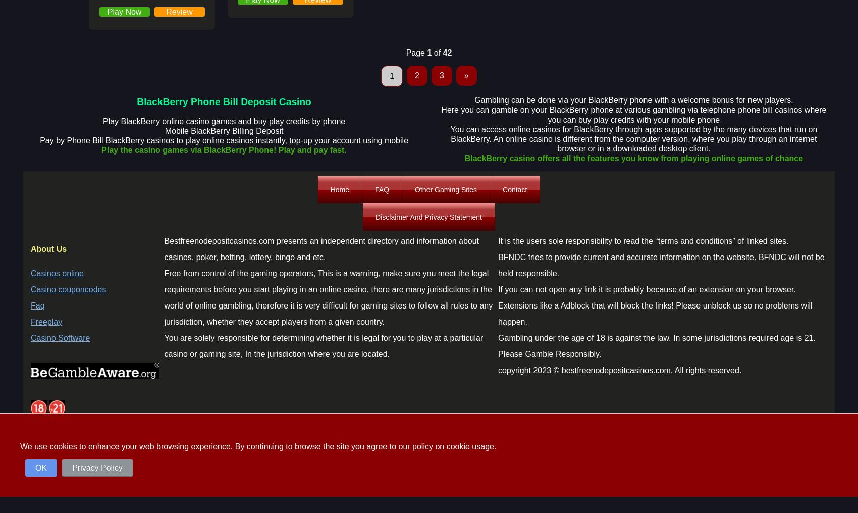 Image resolution: width=858 pixels, height=513 pixels. Describe the element at coordinates (446, 189) in the screenshot. I see `'Other Gaming Sites'` at that location.